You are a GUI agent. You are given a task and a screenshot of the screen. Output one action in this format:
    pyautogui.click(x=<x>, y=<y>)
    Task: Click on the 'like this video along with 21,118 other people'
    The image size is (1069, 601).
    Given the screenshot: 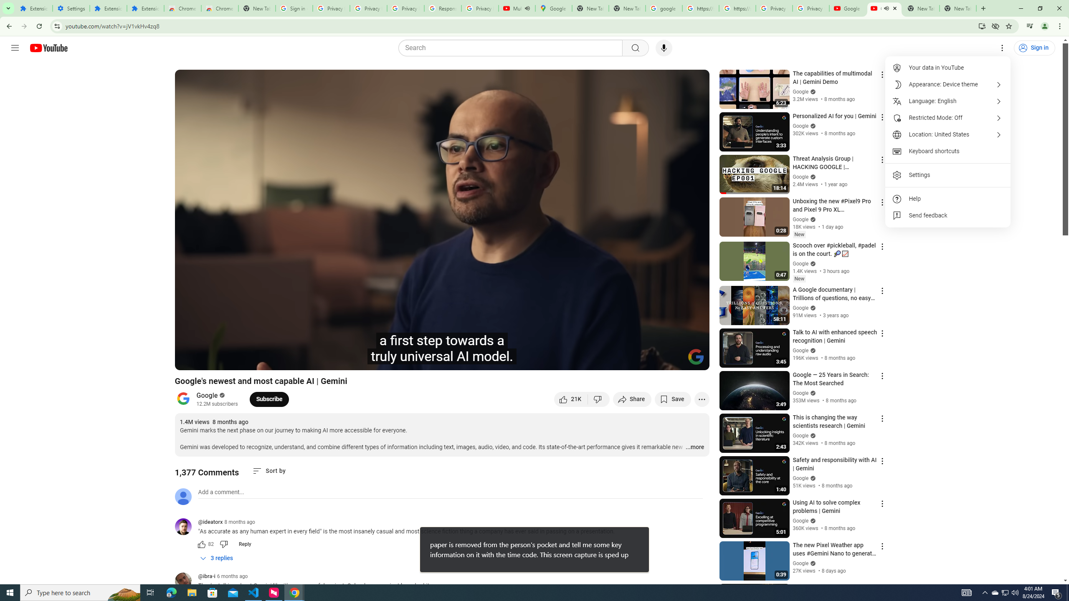 What is the action you would take?
    pyautogui.click(x=570, y=399)
    